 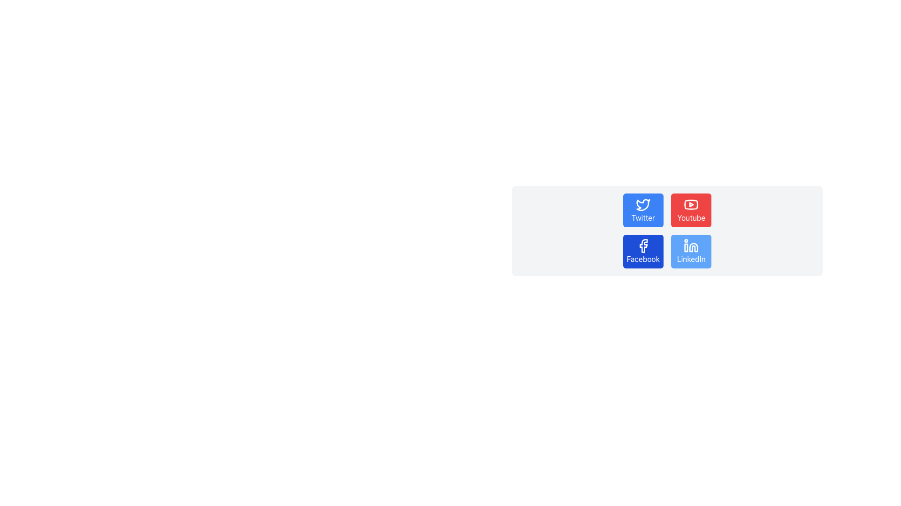 What do you see at coordinates (691, 209) in the screenshot?
I see `the 'Youtube' button with a red background and white text and icon to trigger the hover effect` at bounding box center [691, 209].